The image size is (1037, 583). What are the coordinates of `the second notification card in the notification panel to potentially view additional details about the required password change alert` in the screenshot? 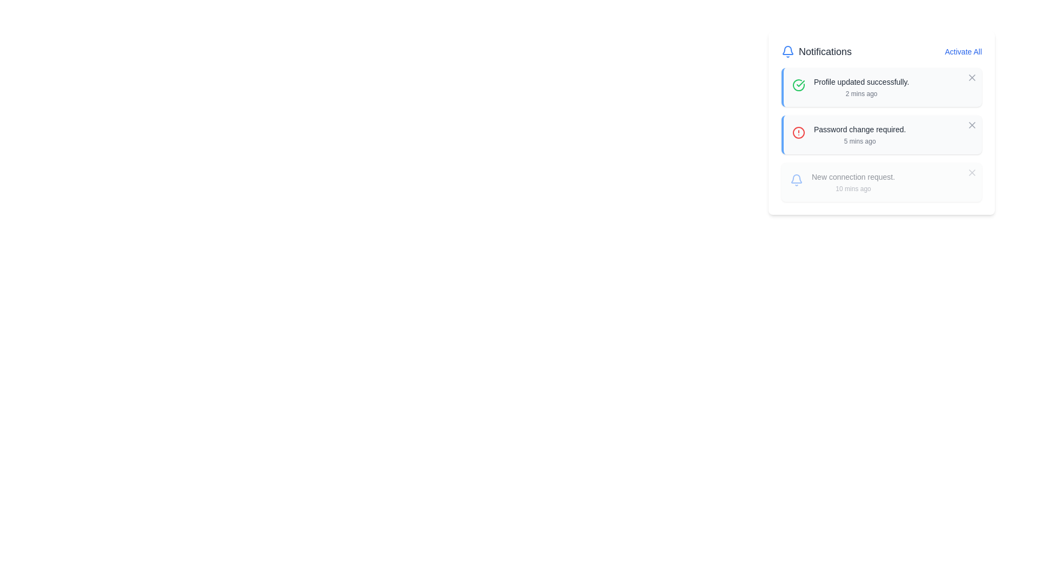 It's located at (881, 122).